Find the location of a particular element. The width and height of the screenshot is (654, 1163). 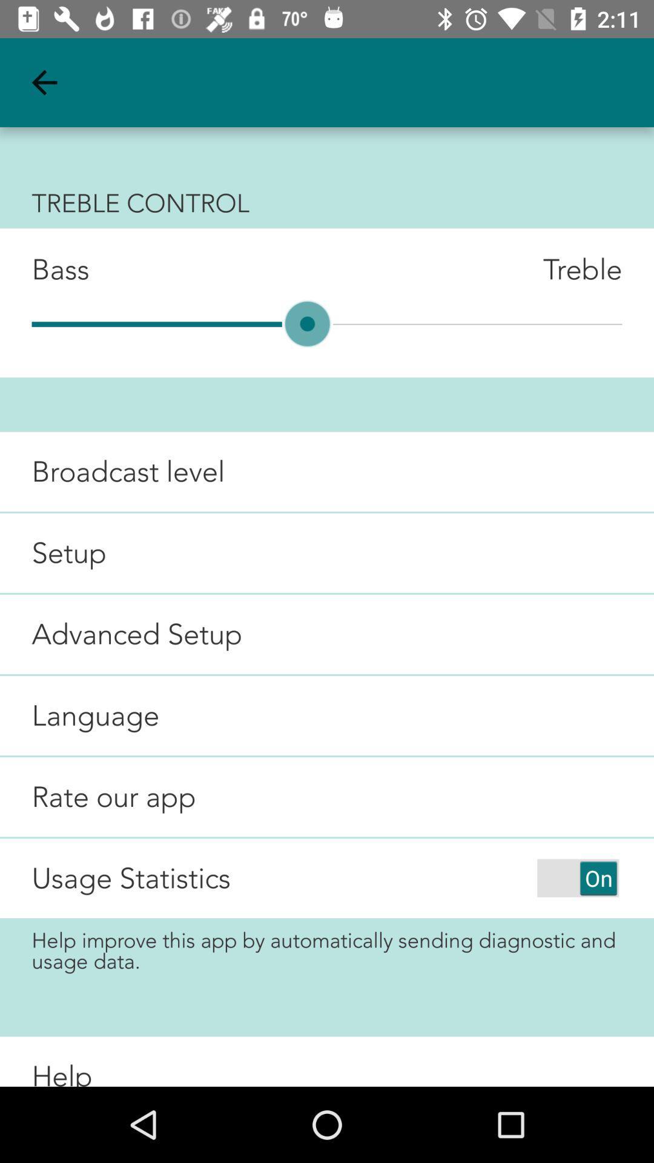

rate our app item is located at coordinates (97, 797).